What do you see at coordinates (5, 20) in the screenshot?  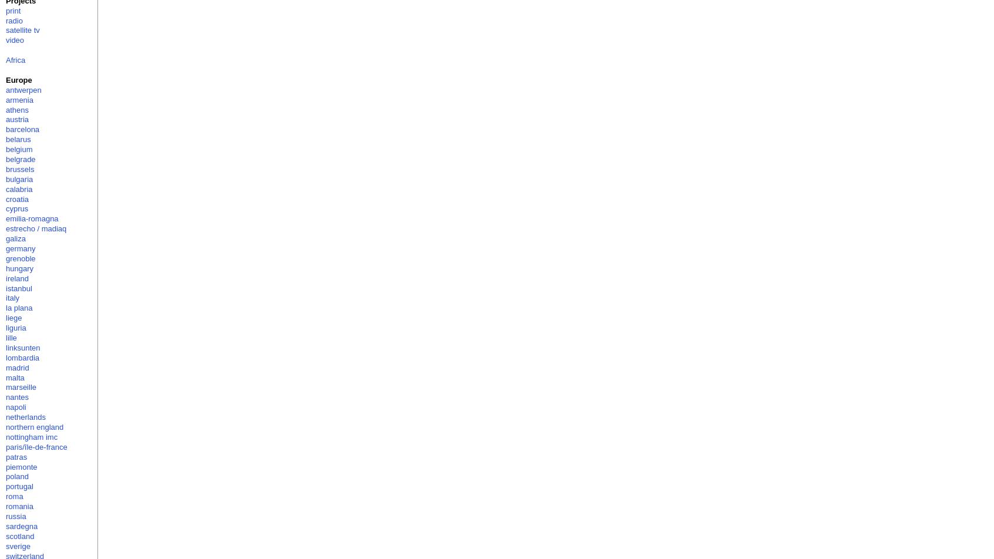 I see `'radio'` at bounding box center [5, 20].